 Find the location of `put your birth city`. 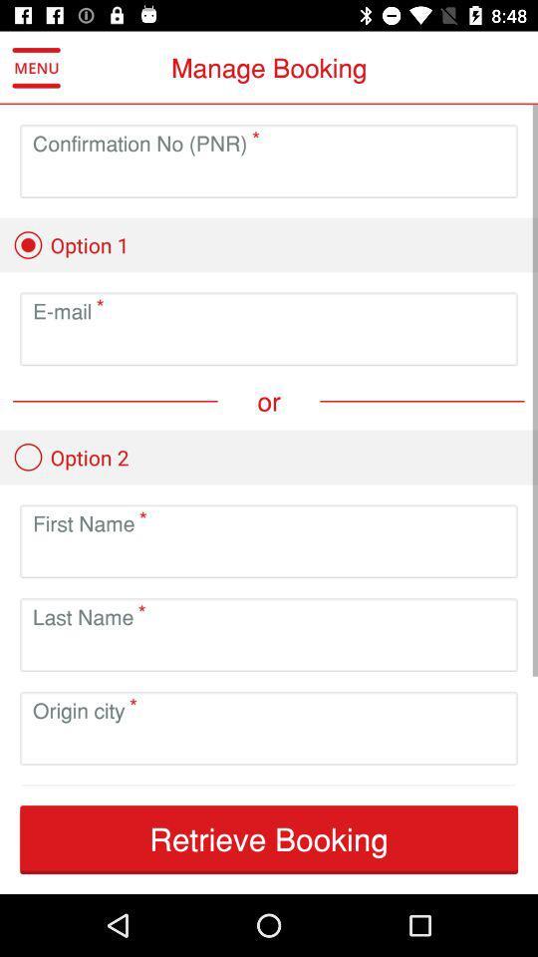

put your birth city is located at coordinates (269, 743).